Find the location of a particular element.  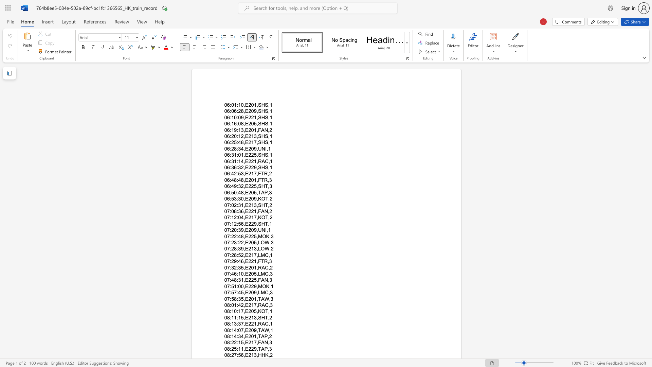

the subset text "1,E2" within the text "06:31:01,E225,SHS,1" is located at coordinates (241, 155).